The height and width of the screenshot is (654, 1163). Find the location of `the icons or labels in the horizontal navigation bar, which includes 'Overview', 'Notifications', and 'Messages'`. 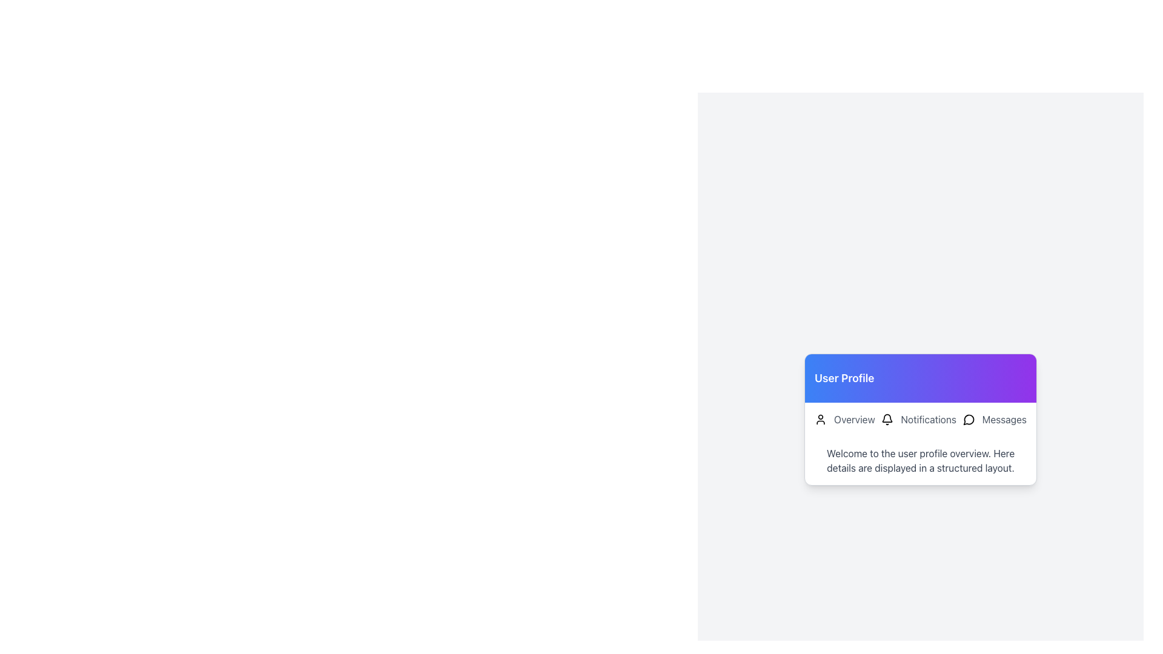

the icons or labels in the horizontal navigation bar, which includes 'Overview', 'Notifications', and 'Messages' is located at coordinates (921, 419).